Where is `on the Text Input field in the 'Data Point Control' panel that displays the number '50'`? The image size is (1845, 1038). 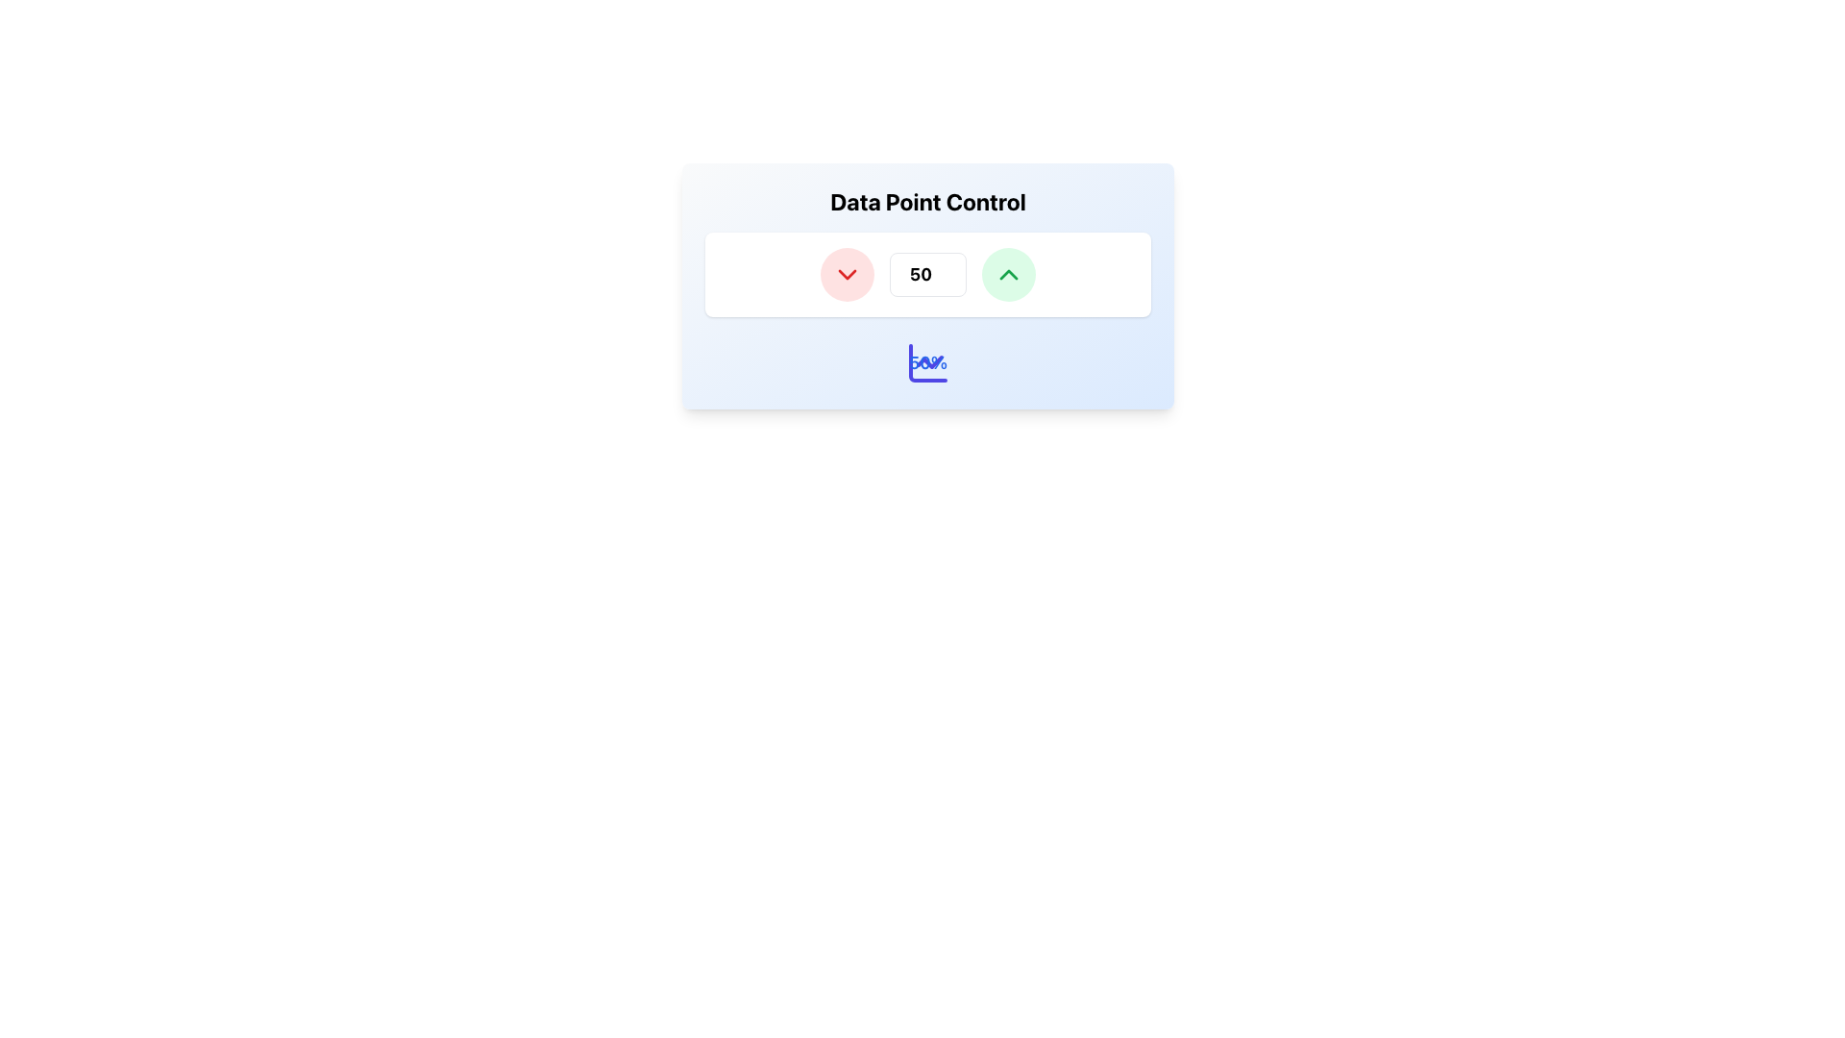 on the Text Input field in the 'Data Point Control' panel that displays the number '50' is located at coordinates (927, 285).